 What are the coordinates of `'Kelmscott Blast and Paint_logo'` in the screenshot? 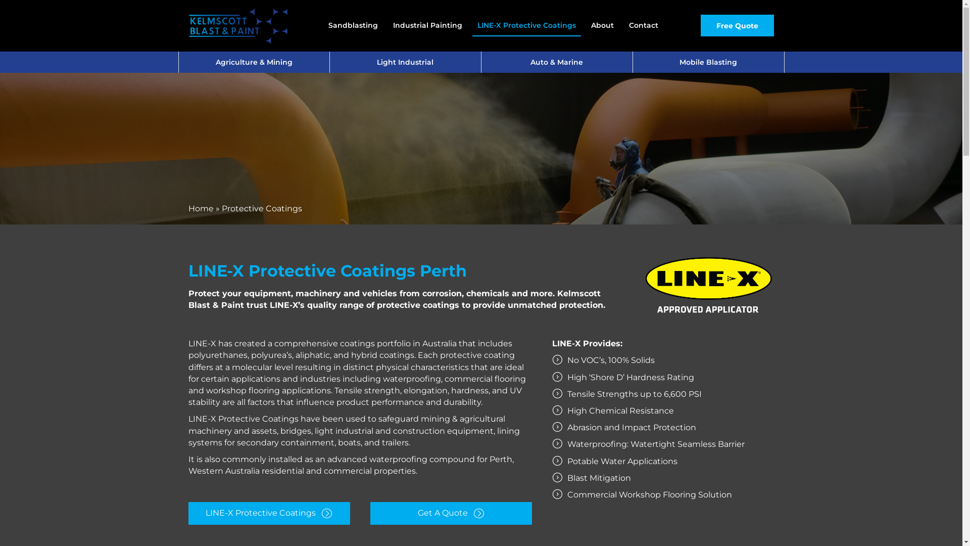 It's located at (237, 25).